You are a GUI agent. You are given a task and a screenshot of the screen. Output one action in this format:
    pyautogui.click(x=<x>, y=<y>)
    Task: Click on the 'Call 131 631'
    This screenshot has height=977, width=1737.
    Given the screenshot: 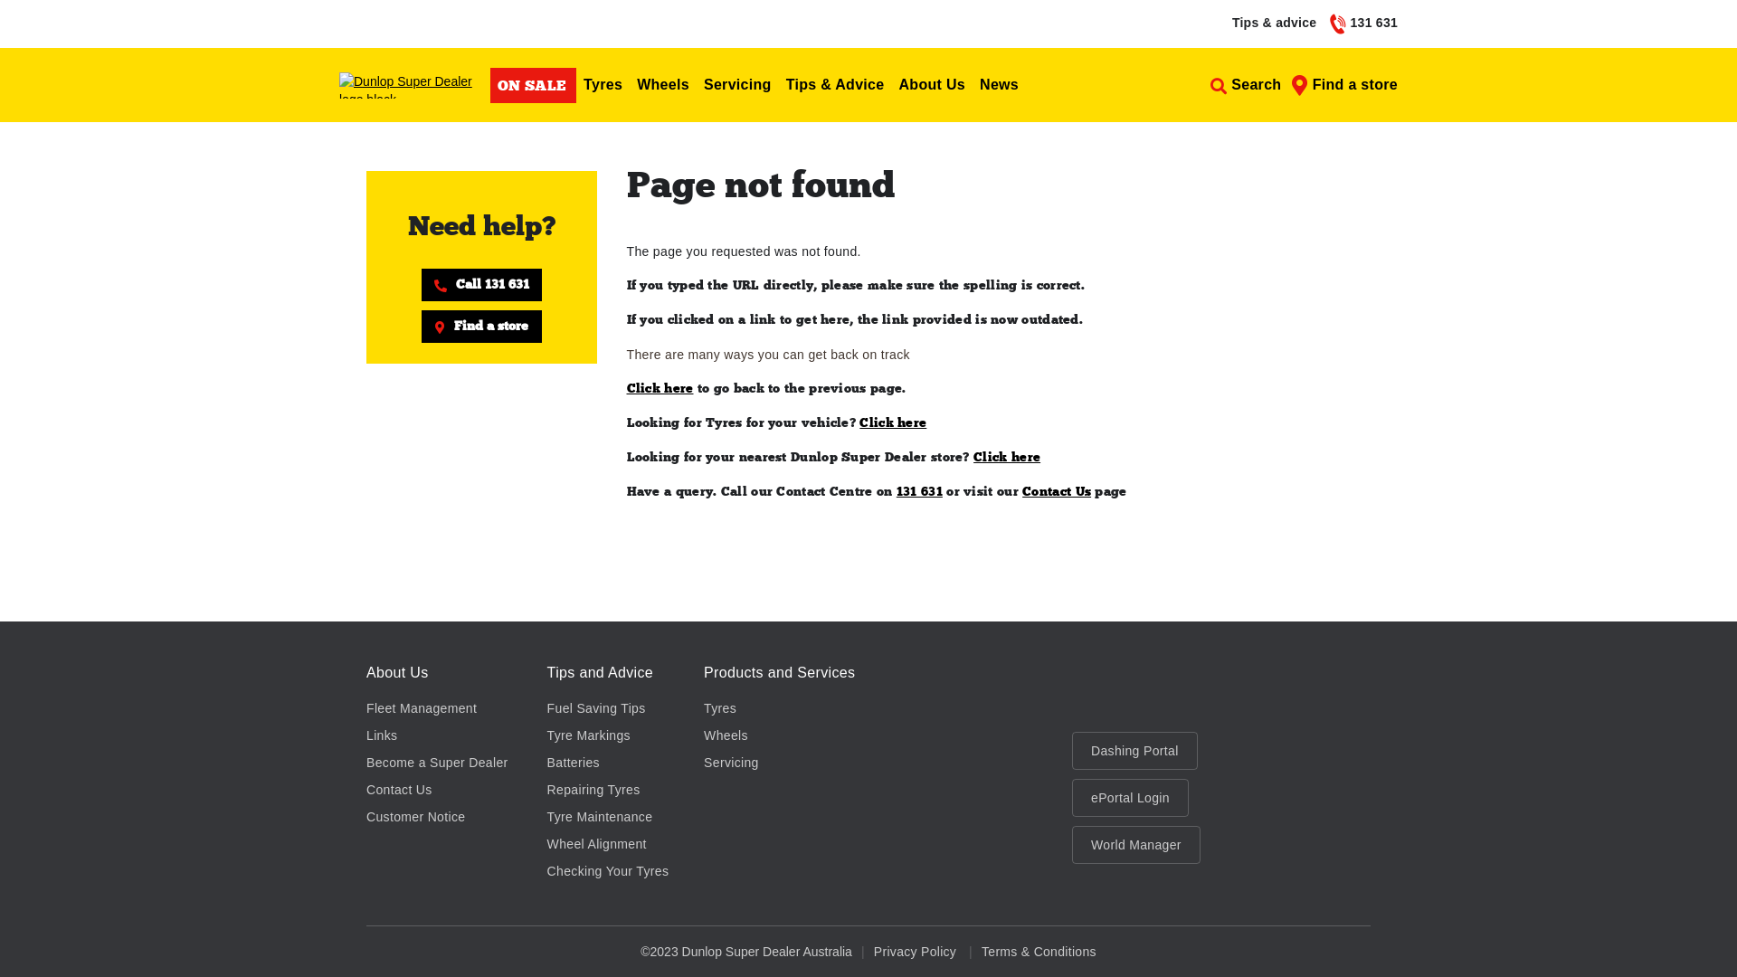 What is the action you would take?
    pyautogui.click(x=481, y=285)
    